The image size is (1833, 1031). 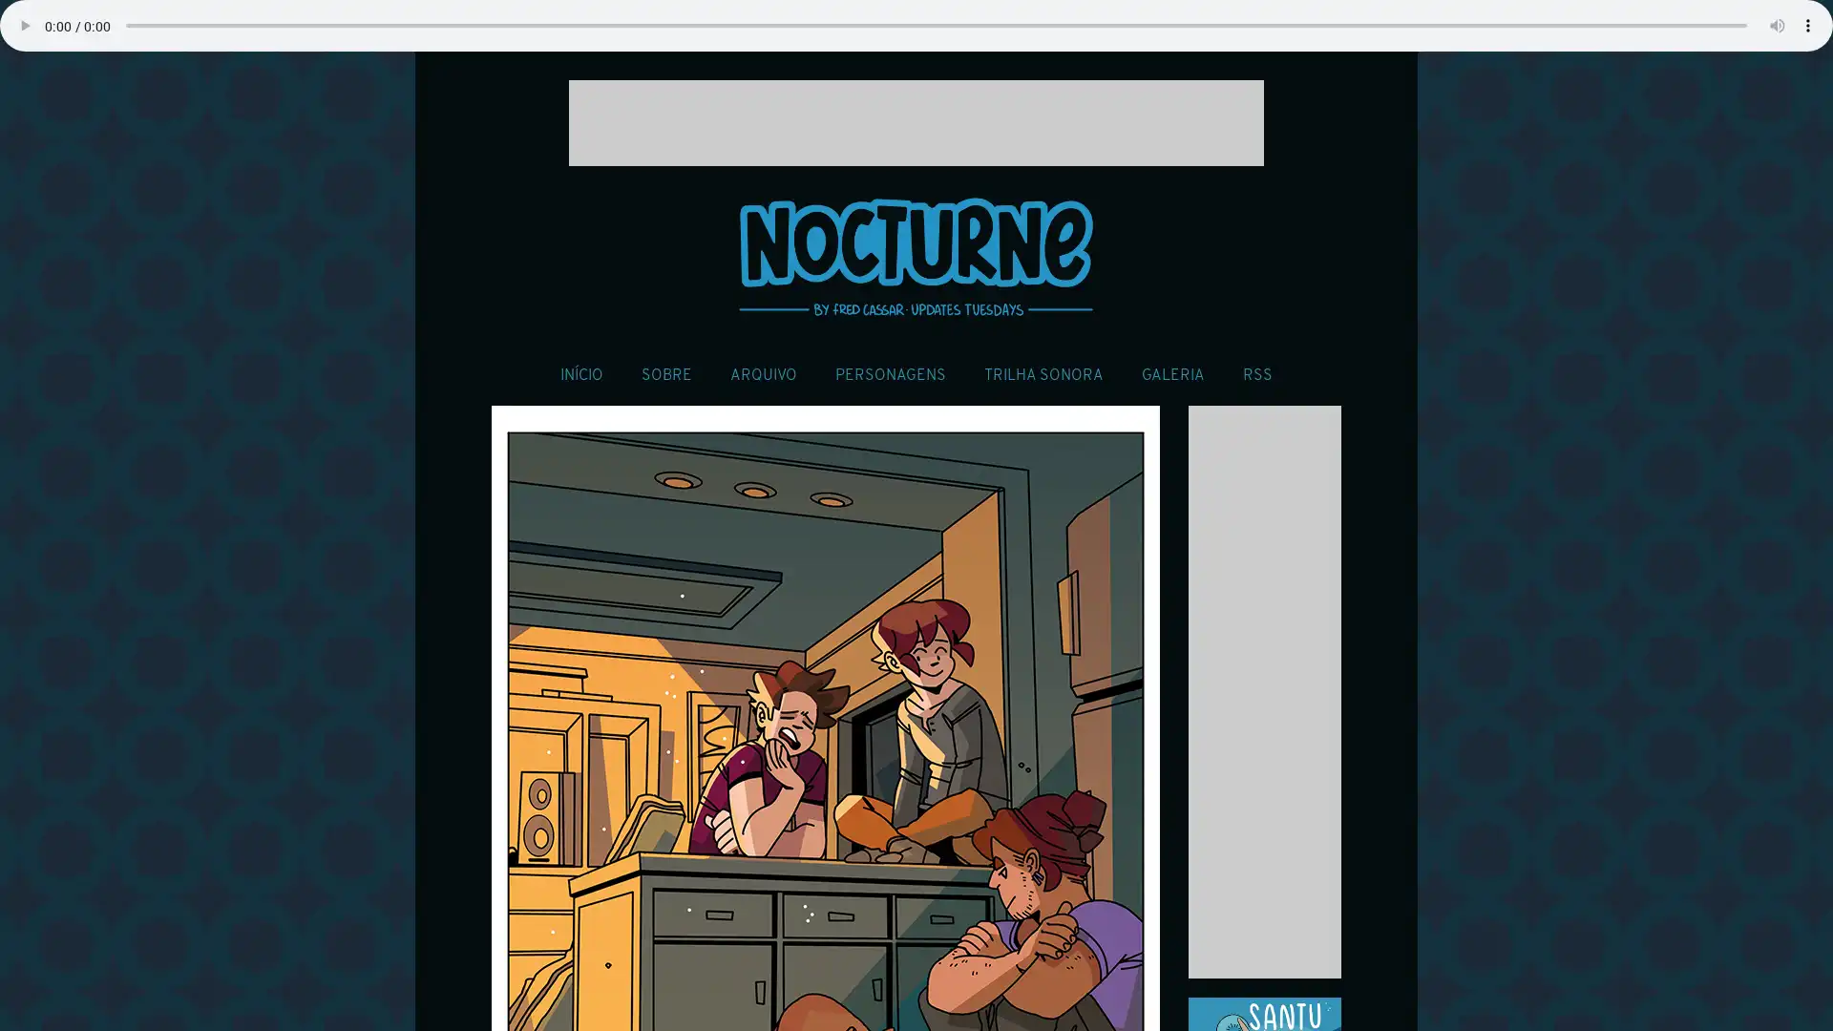 What do you see at coordinates (24, 26) in the screenshot?
I see `play` at bounding box center [24, 26].